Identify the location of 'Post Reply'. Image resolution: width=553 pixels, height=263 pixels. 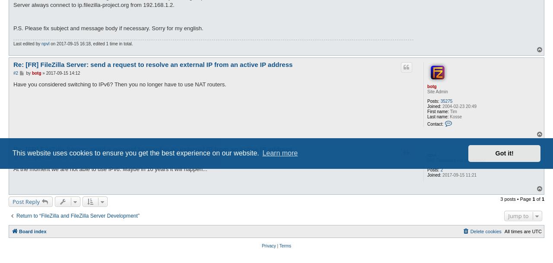
(26, 201).